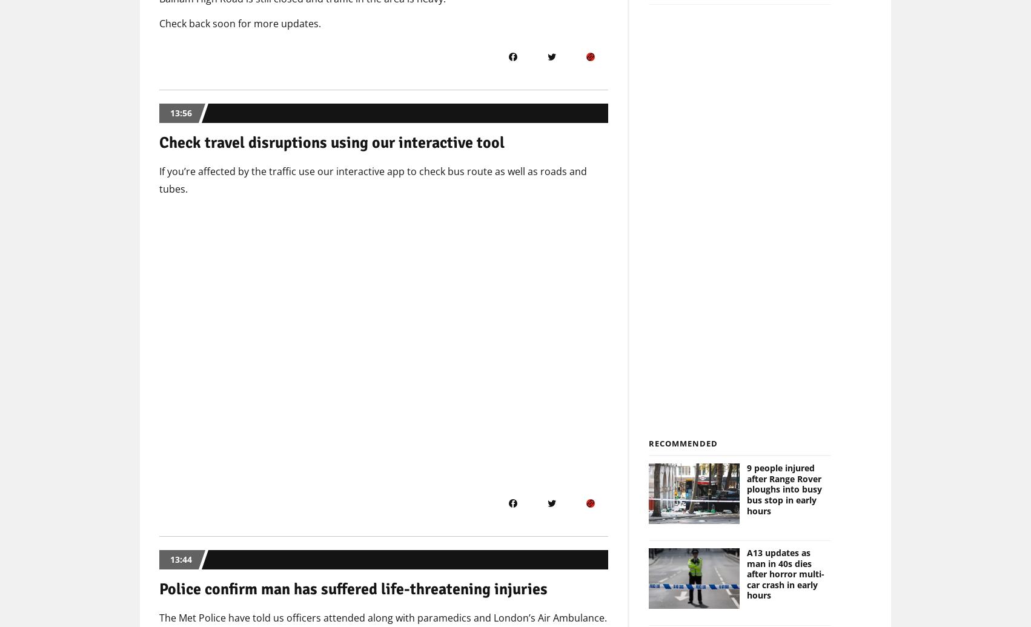 The image size is (1031, 627). Describe the element at coordinates (240, 24) in the screenshot. I see `'Check back soon for more updates.'` at that location.